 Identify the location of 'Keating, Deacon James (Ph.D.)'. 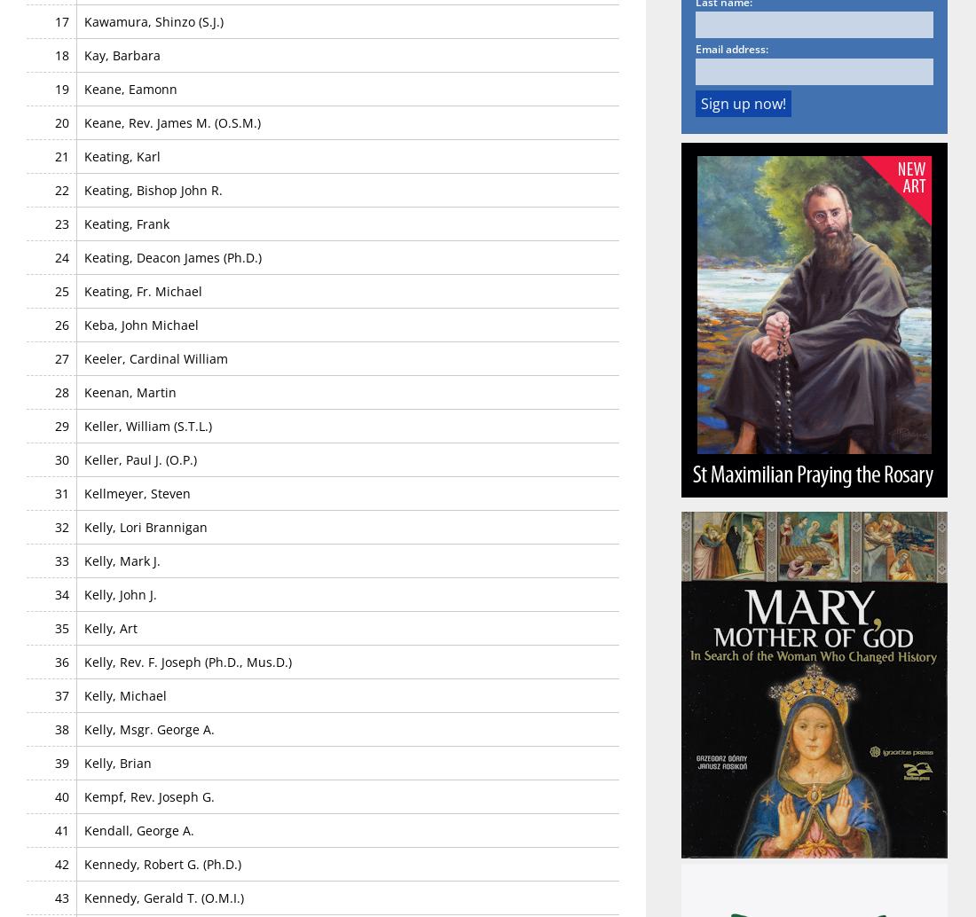
(172, 255).